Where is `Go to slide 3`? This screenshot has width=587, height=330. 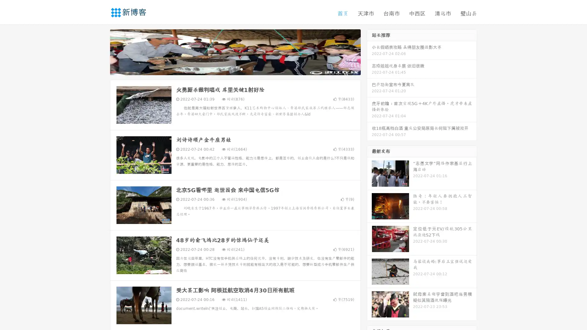
Go to slide 3 is located at coordinates (241, 69).